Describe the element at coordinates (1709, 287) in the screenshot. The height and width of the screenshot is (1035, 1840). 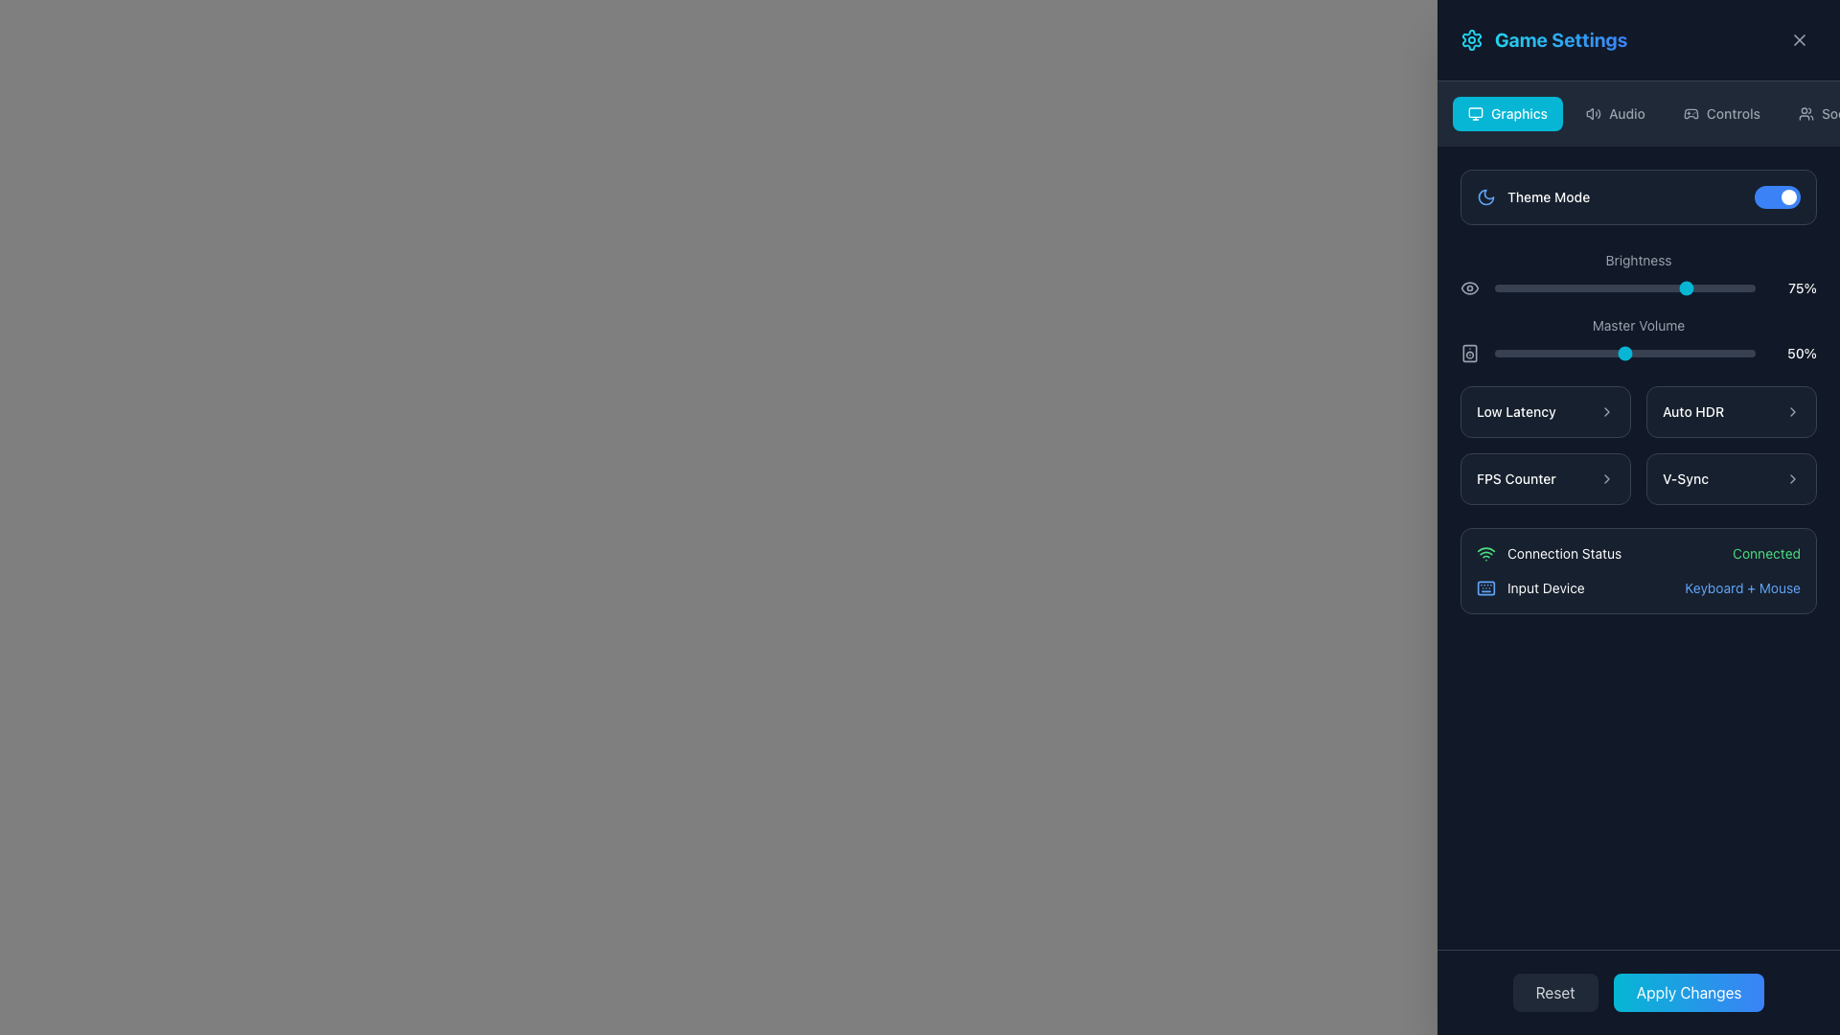
I see `the brightness` at that location.